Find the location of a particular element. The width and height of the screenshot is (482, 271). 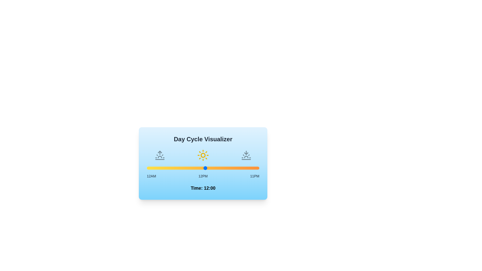

the time to 14 by moving the slider is located at coordinates (215, 168).